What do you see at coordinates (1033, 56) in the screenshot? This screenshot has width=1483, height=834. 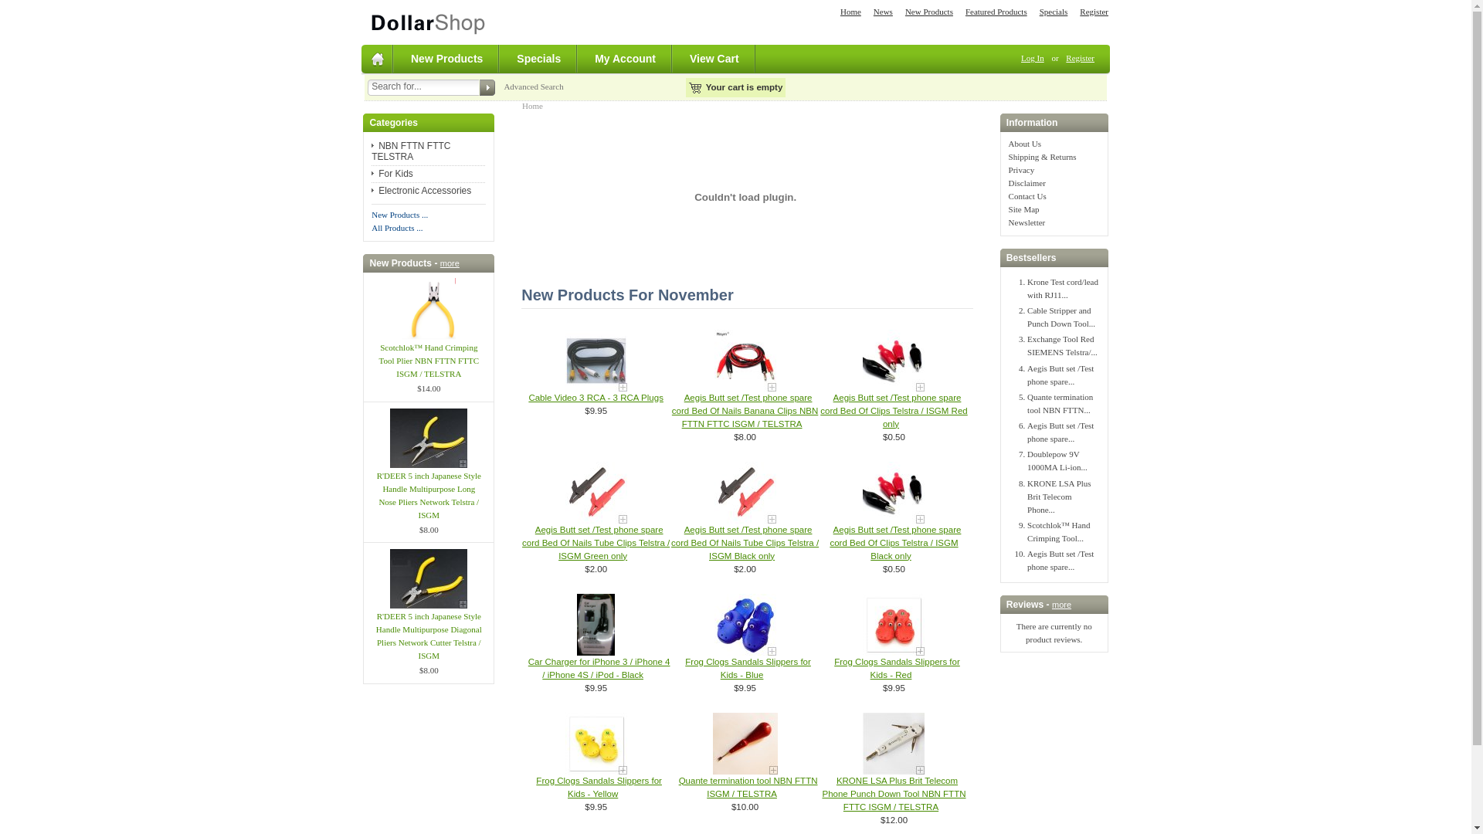 I see `'Log In'` at bounding box center [1033, 56].